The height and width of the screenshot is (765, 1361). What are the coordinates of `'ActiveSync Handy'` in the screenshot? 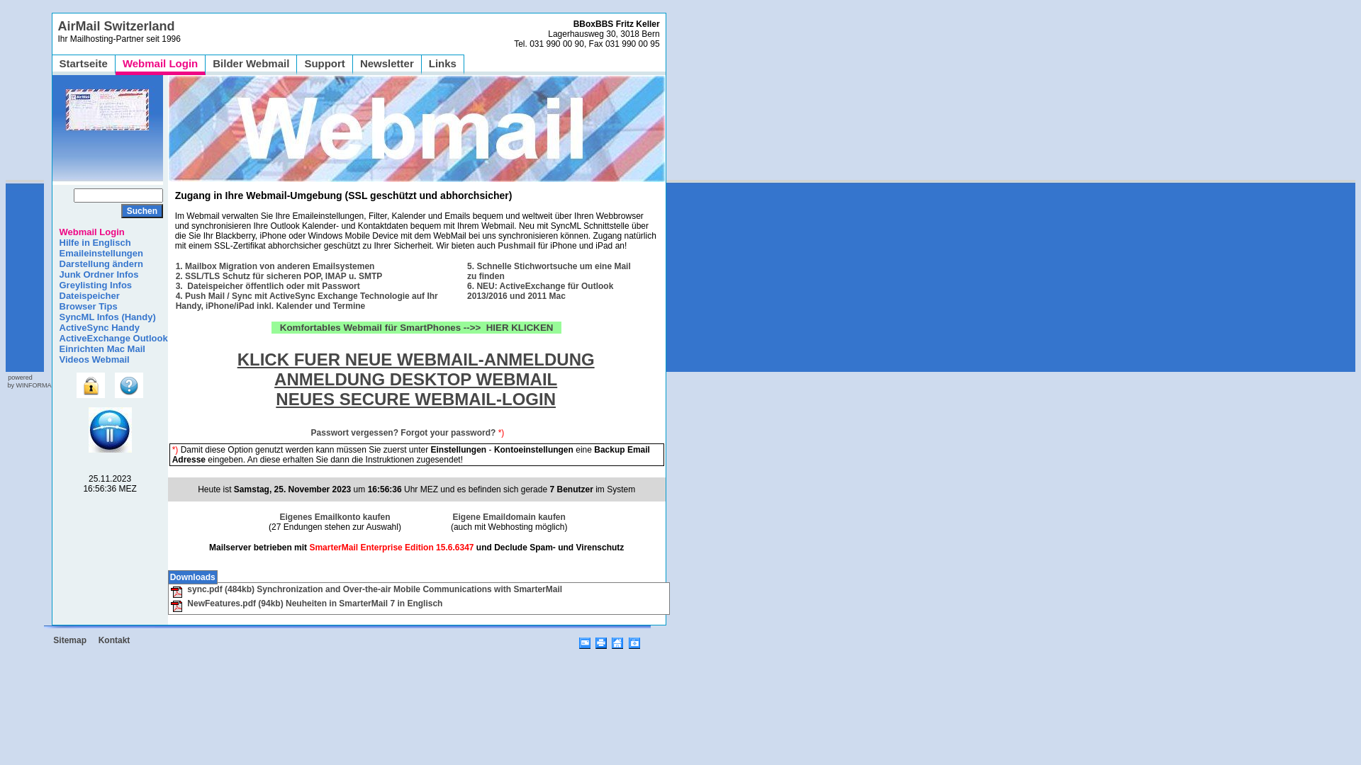 It's located at (95, 327).